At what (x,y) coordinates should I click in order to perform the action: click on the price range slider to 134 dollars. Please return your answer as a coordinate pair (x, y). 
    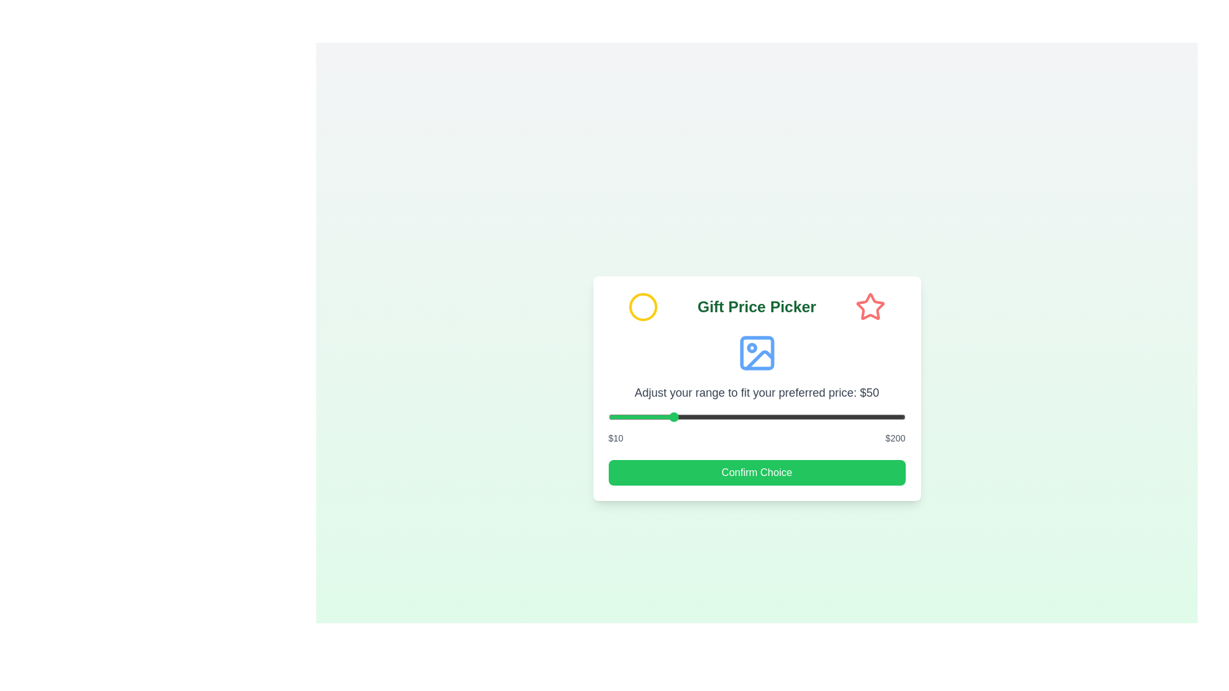
    Looking at the image, I should click on (801, 417).